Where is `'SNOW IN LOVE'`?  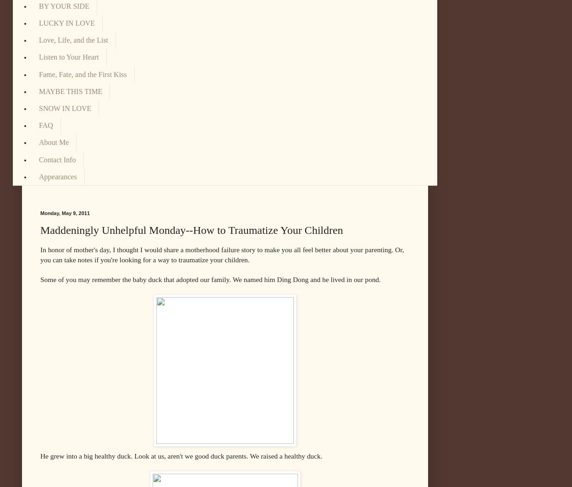
'SNOW IN LOVE' is located at coordinates (65, 108).